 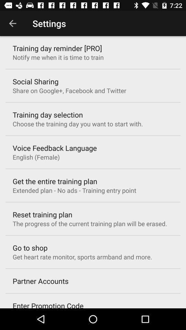 I want to click on icon below reset training plan item, so click(x=90, y=223).